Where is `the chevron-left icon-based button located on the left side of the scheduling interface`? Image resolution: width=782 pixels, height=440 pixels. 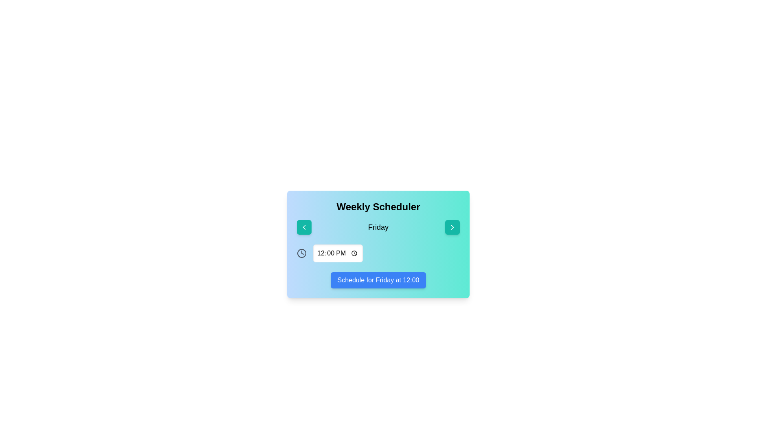
the chevron-left icon-based button located on the left side of the scheduling interface is located at coordinates (304, 227).